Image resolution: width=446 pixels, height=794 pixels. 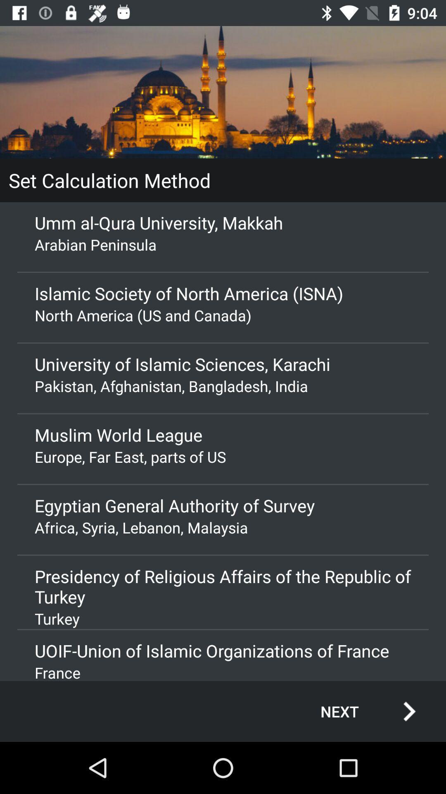 I want to click on icon below the turkey app, so click(x=223, y=650).